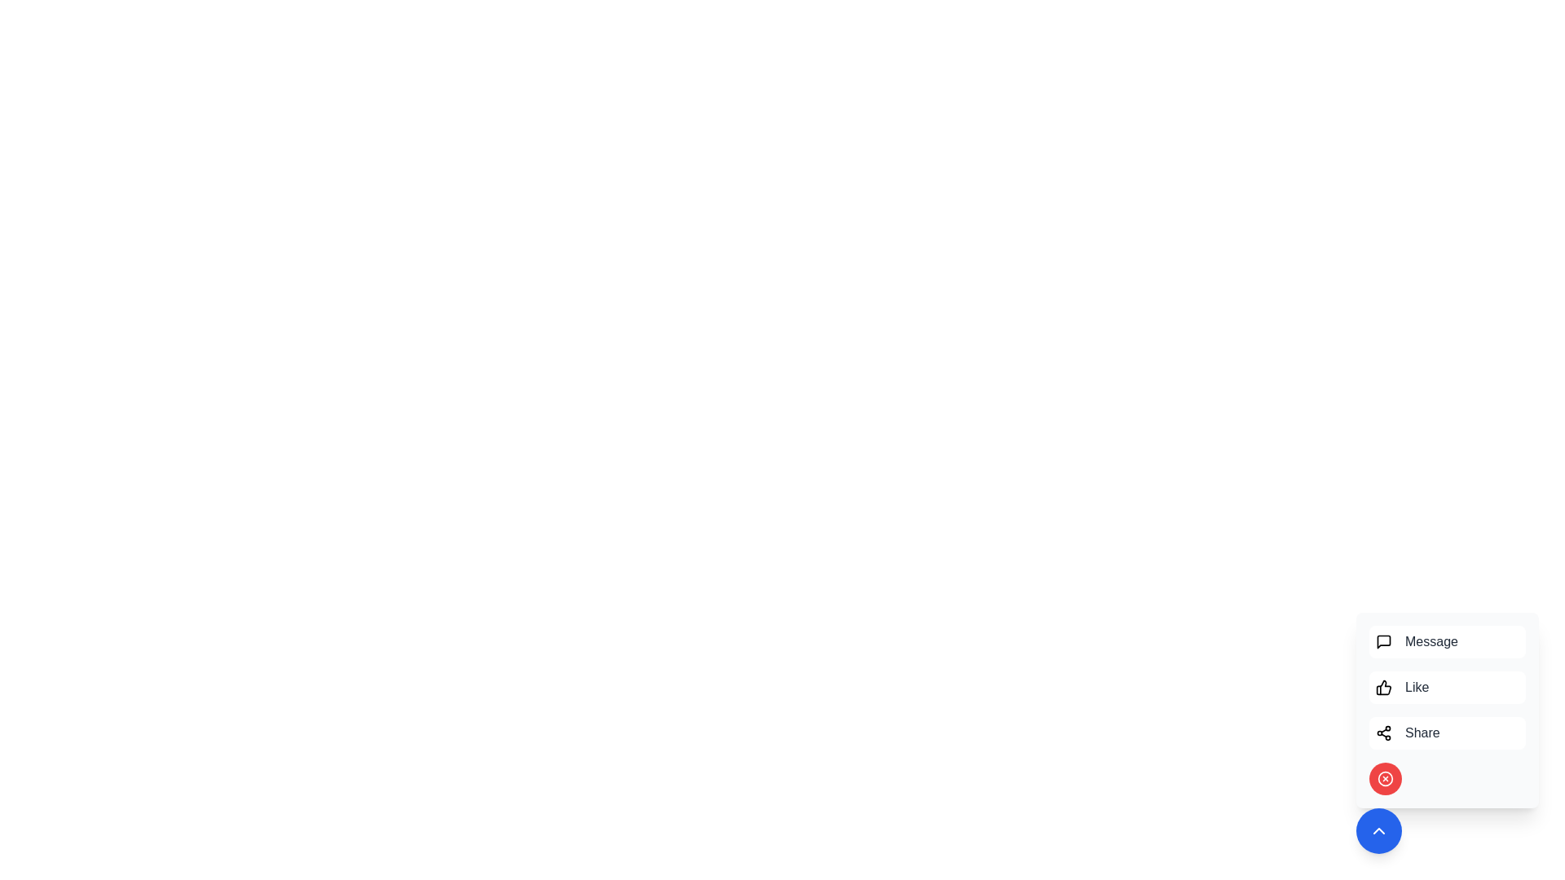  Describe the element at coordinates (1448, 688) in the screenshot. I see `the 'Like' button to perform the 'like' action` at that location.